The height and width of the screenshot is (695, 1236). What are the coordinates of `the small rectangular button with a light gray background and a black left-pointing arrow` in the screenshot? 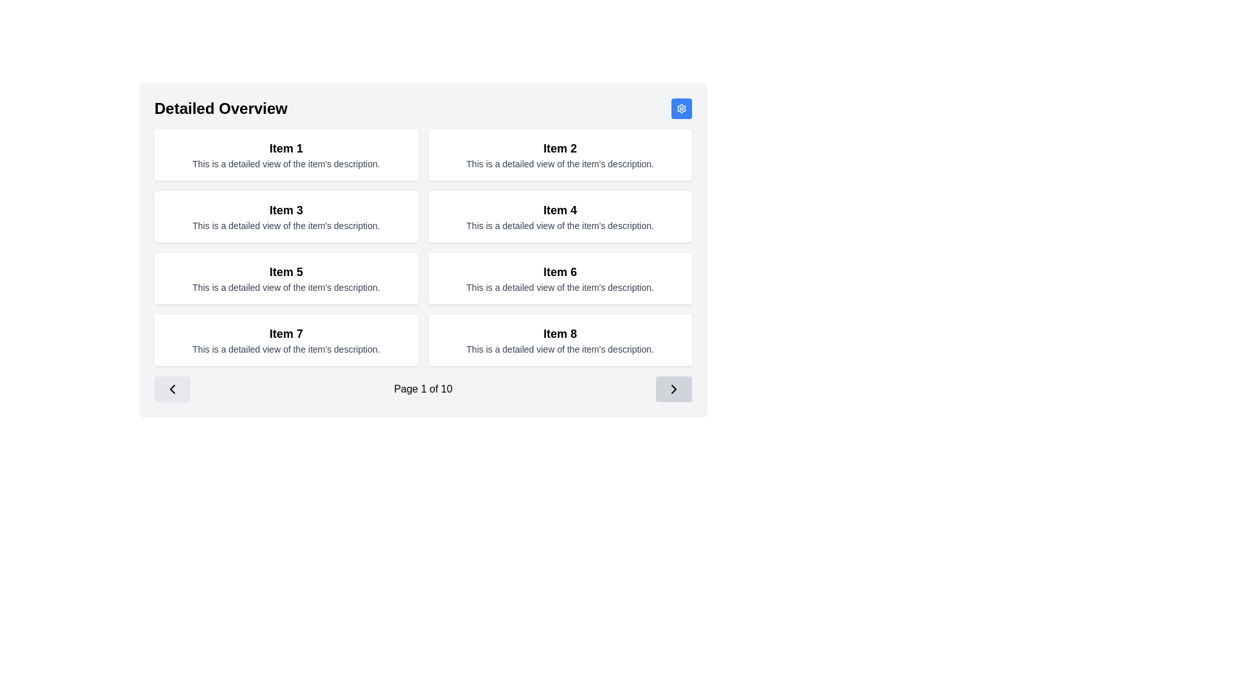 It's located at (172, 389).